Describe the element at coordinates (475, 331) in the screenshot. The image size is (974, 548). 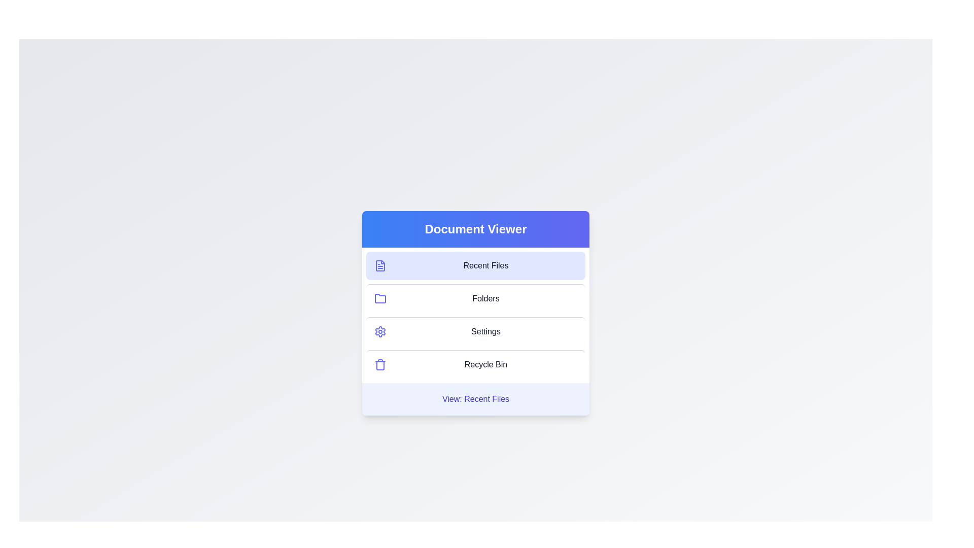
I see `the menu item Settings to view its content` at that location.